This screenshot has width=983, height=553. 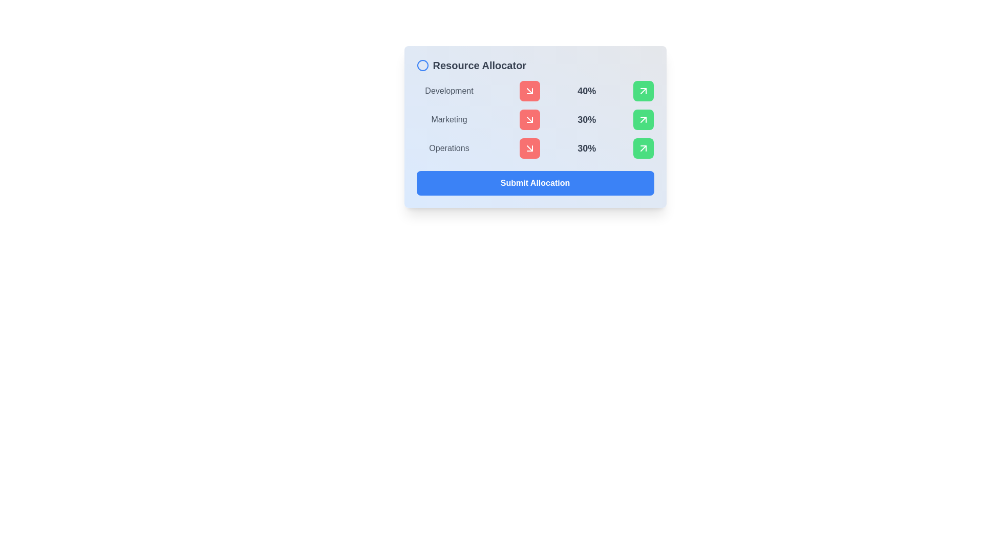 What do you see at coordinates (529, 119) in the screenshot?
I see `the red square button with a downward-right white arrow located in the second row under 'Marketing'` at bounding box center [529, 119].